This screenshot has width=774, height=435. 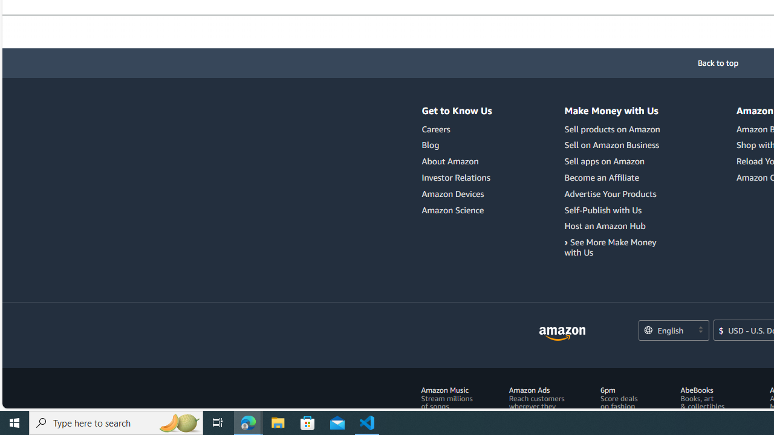 What do you see at coordinates (614, 144) in the screenshot?
I see `'Sell on Amazon Business'` at bounding box center [614, 144].